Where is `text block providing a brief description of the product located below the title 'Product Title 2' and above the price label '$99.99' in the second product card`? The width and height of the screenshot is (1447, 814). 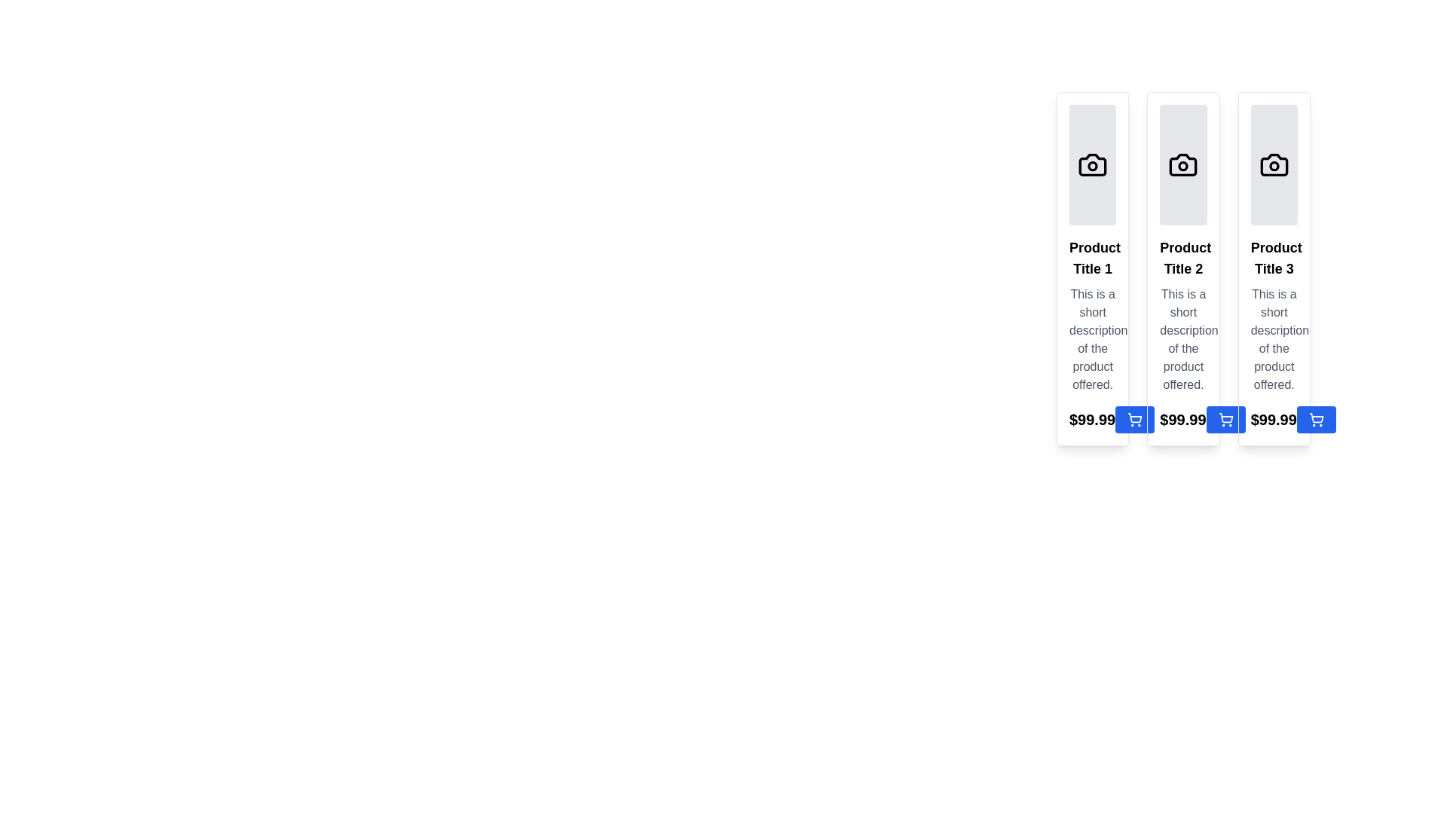 text block providing a brief description of the product located below the title 'Product Title 2' and above the price label '$99.99' in the second product card is located at coordinates (1182, 340).